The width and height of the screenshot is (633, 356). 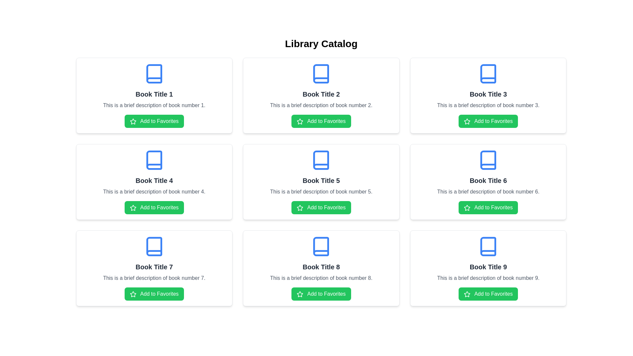 I want to click on the Text Label displaying 'Book Title 8', which is styled with bold and larger font size, located in the third card of the bottom row in a grid layout, so click(x=321, y=267).